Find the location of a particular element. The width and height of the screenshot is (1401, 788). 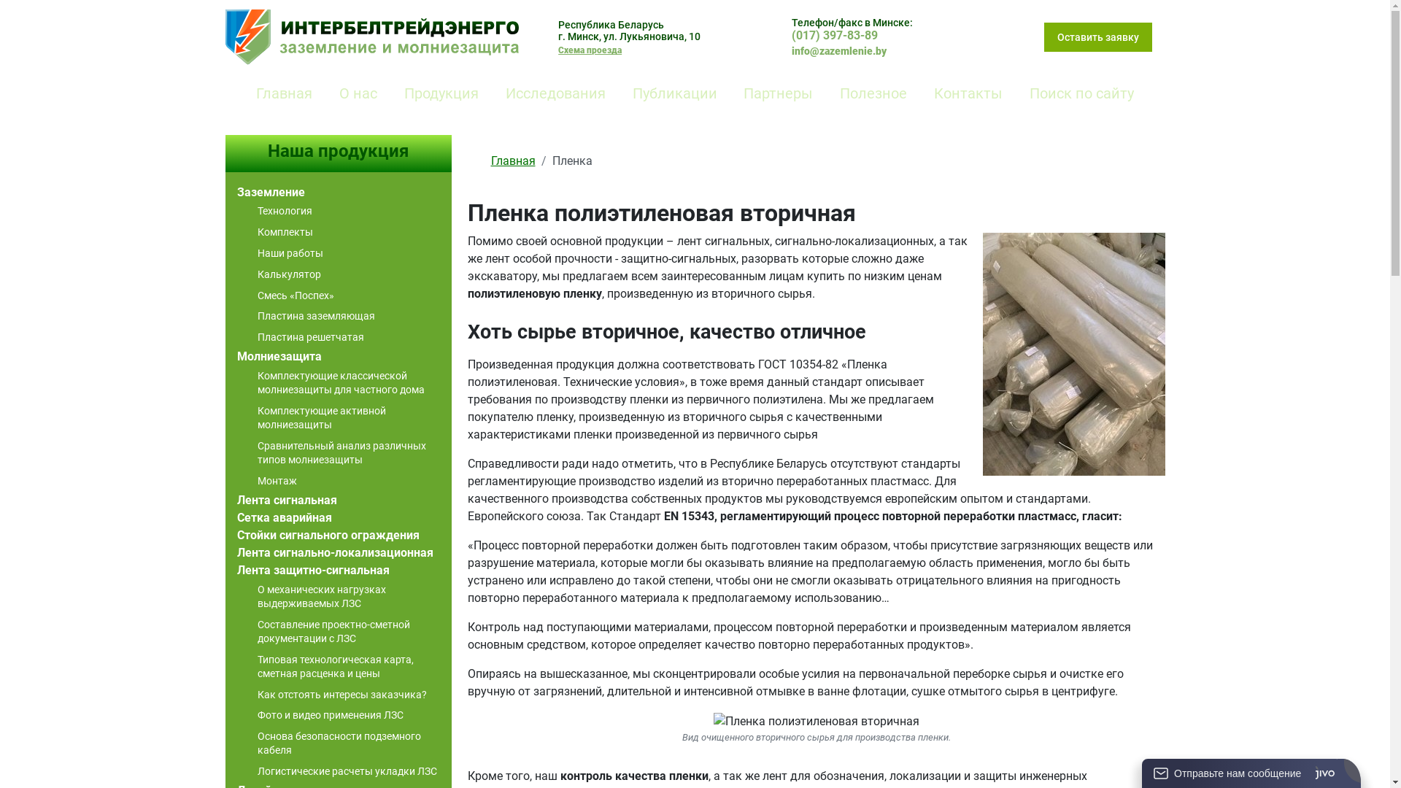

'(017) 397-83-89' is located at coordinates (834, 34).